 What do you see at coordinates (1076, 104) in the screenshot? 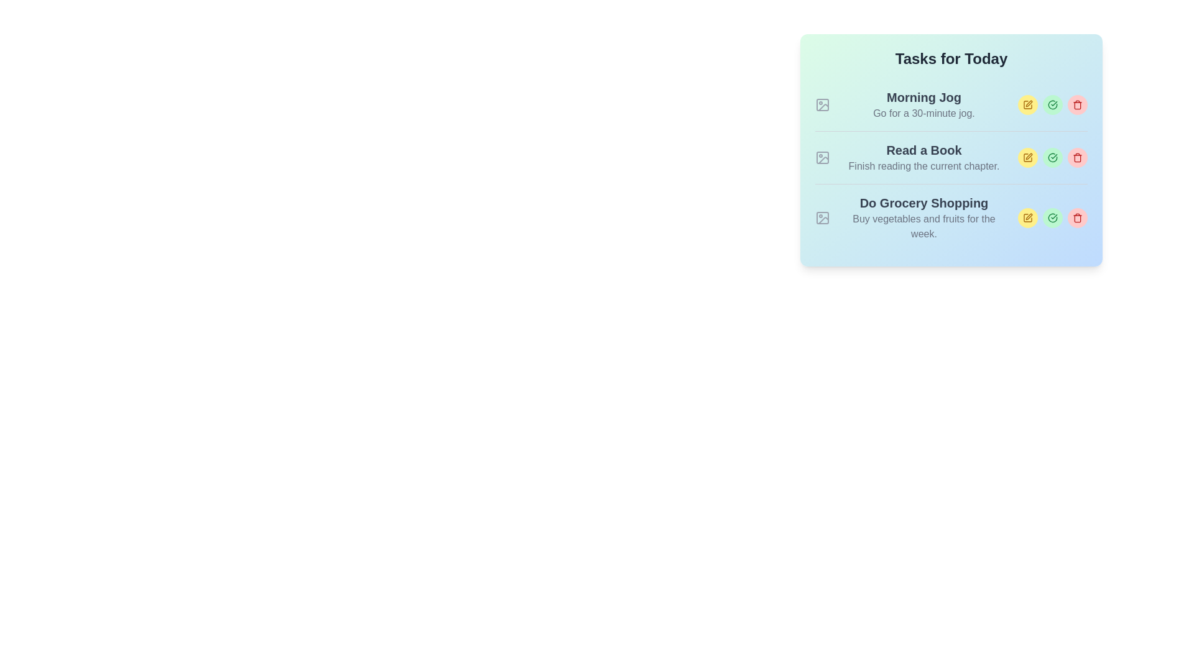
I see `the trash bin icon within the red circular button at the far right of the row for the 'Morning Jog' task` at bounding box center [1076, 104].